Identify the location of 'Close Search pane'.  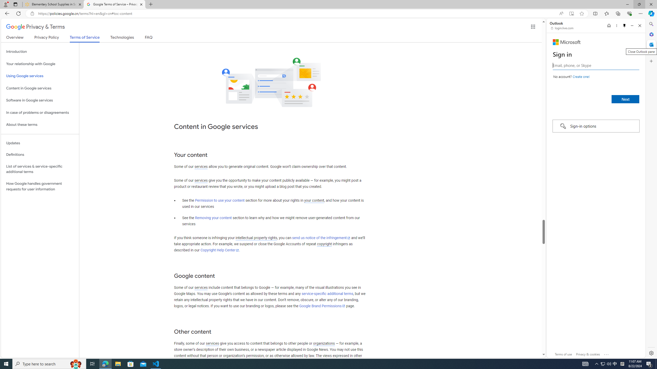
(651, 24).